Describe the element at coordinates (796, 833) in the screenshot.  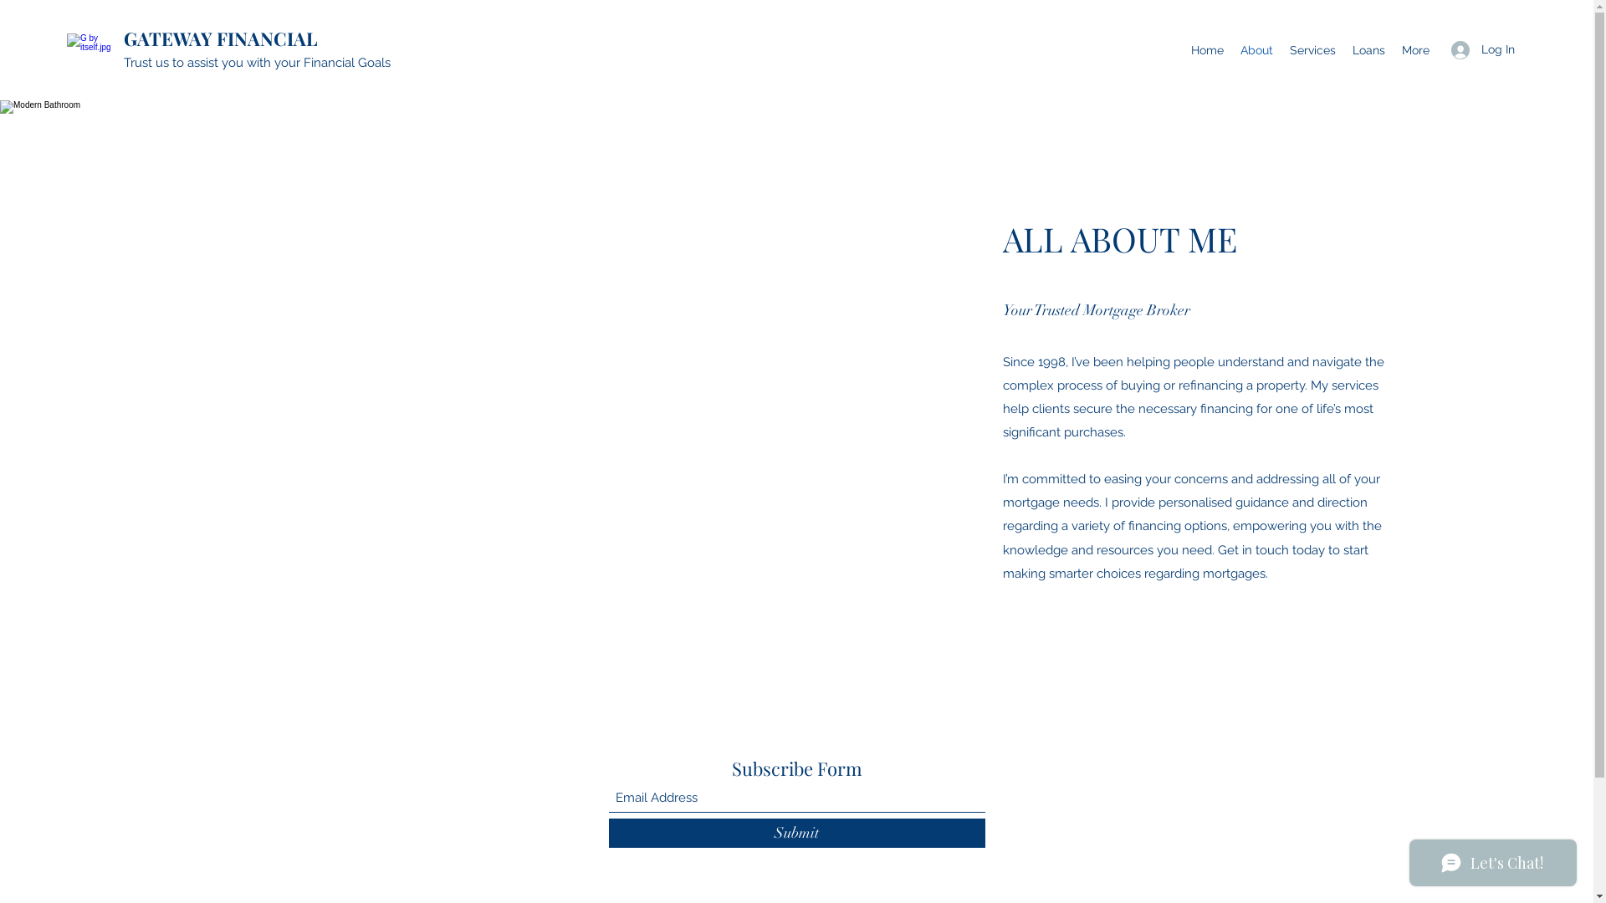
I see `'Submit'` at that location.